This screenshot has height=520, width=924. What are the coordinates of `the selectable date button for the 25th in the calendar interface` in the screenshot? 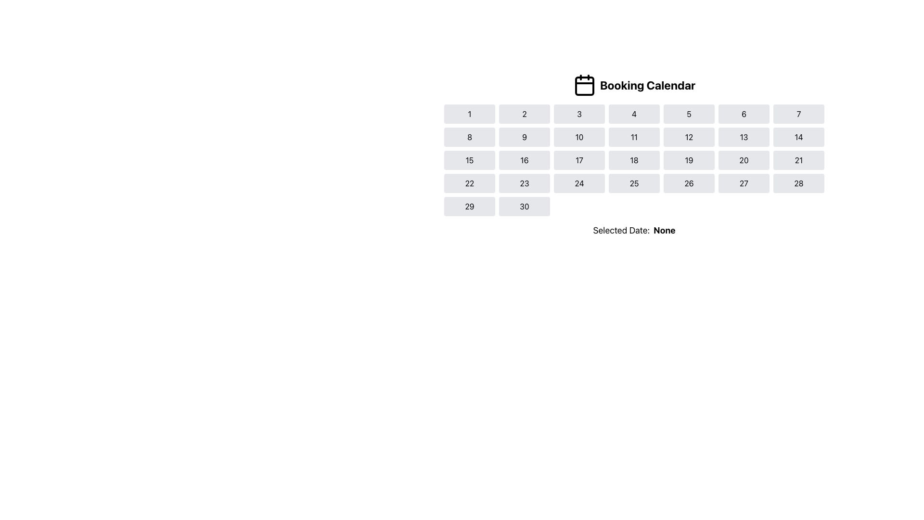 It's located at (634, 183).